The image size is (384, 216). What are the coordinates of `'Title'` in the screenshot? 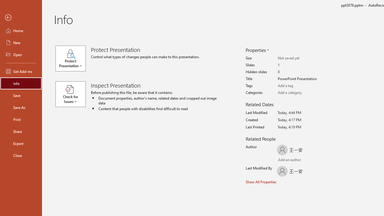 It's located at (301, 79).